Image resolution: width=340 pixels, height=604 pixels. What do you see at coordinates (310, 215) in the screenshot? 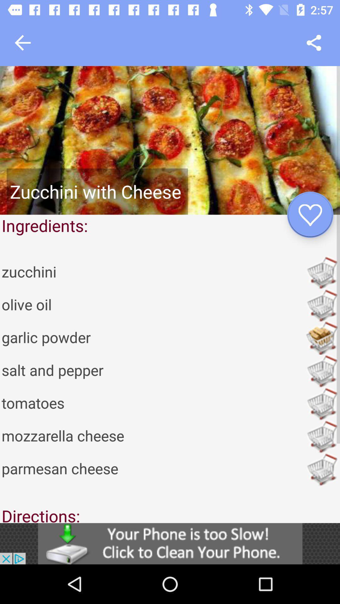
I see `like button` at bounding box center [310, 215].